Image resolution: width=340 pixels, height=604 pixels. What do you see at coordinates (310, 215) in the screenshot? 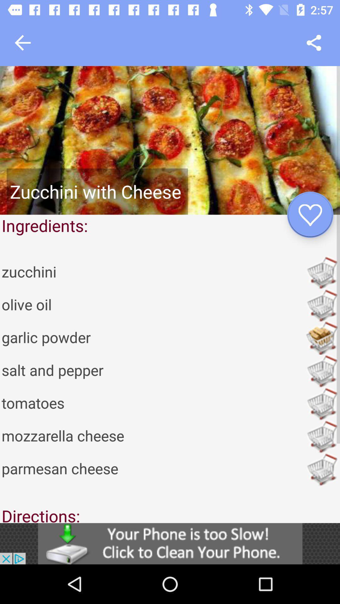
I see `like button` at bounding box center [310, 215].